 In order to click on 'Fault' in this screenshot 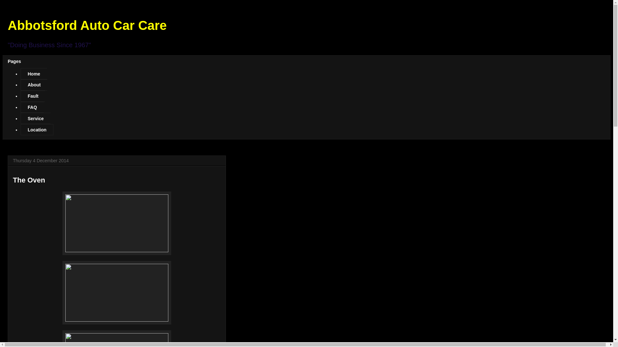, I will do `click(20, 96)`.